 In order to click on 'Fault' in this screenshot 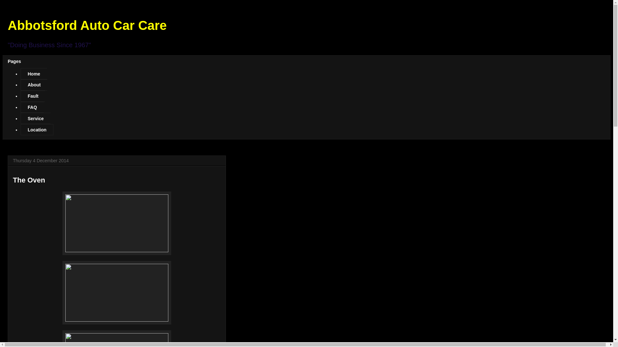, I will do `click(20, 96)`.